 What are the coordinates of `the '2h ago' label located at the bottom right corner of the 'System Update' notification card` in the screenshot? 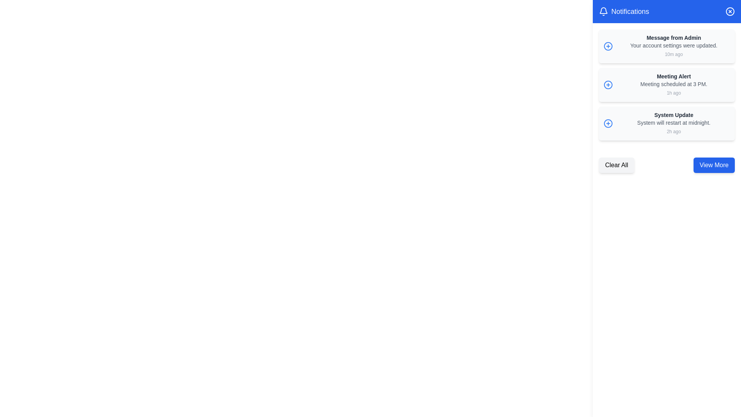 It's located at (673, 131).